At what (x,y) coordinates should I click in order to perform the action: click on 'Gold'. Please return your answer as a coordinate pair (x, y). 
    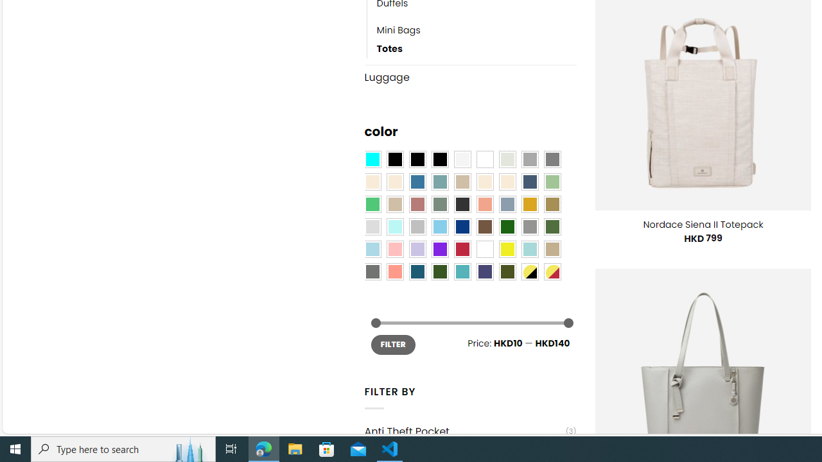
    Looking at the image, I should click on (529, 203).